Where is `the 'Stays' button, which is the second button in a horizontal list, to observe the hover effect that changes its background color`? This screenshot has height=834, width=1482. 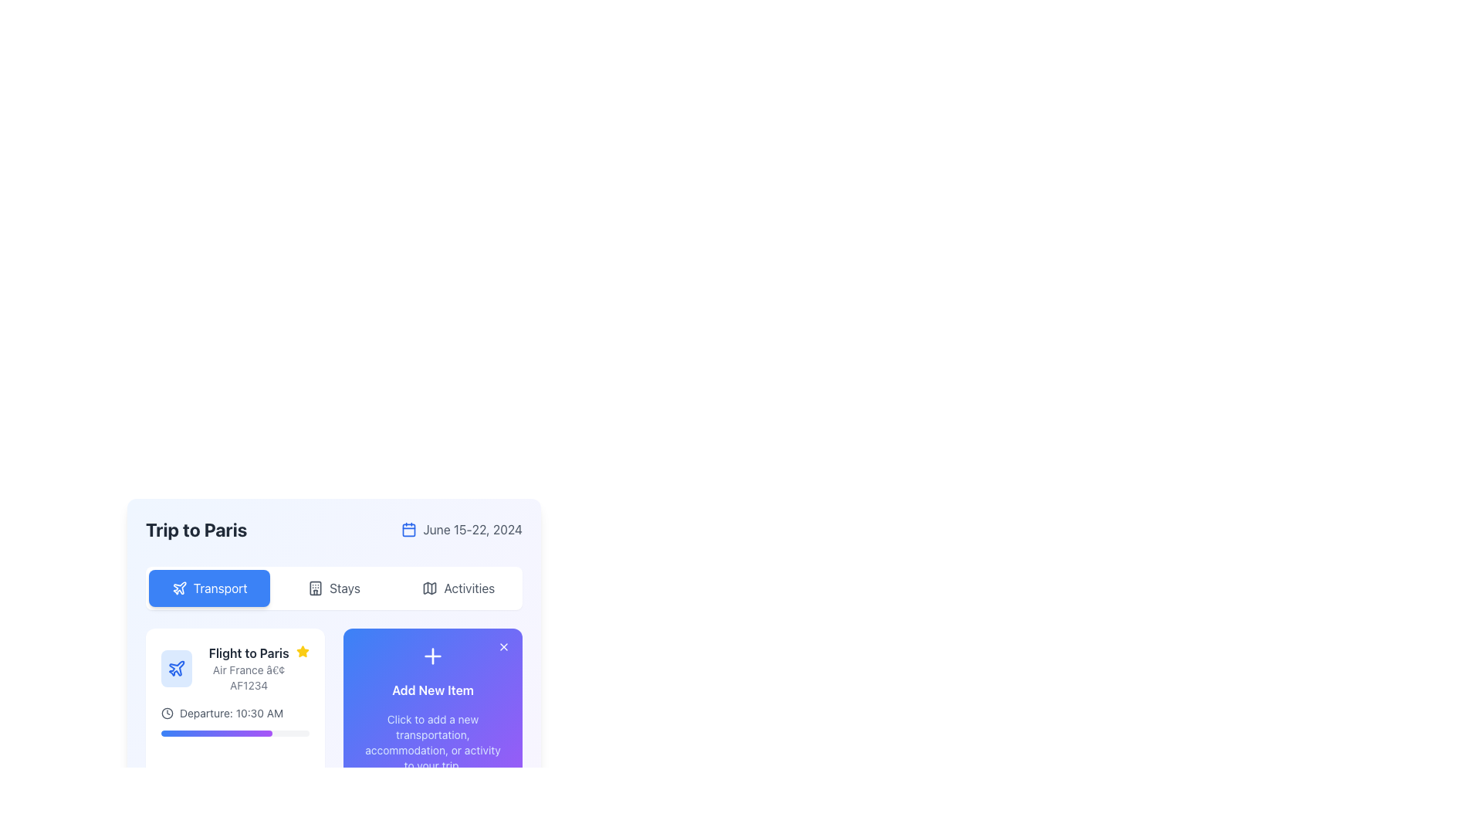 the 'Stays' button, which is the second button in a horizontal list, to observe the hover effect that changes its background color is located at coordinates (333, 588).